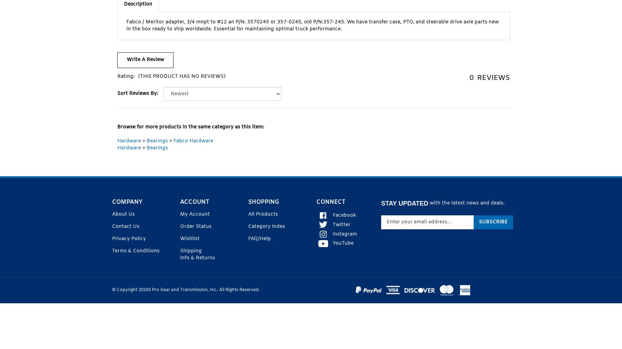 This screenshot has height=349, width=622. I want to click on 'Twitter', so click(333, 224).